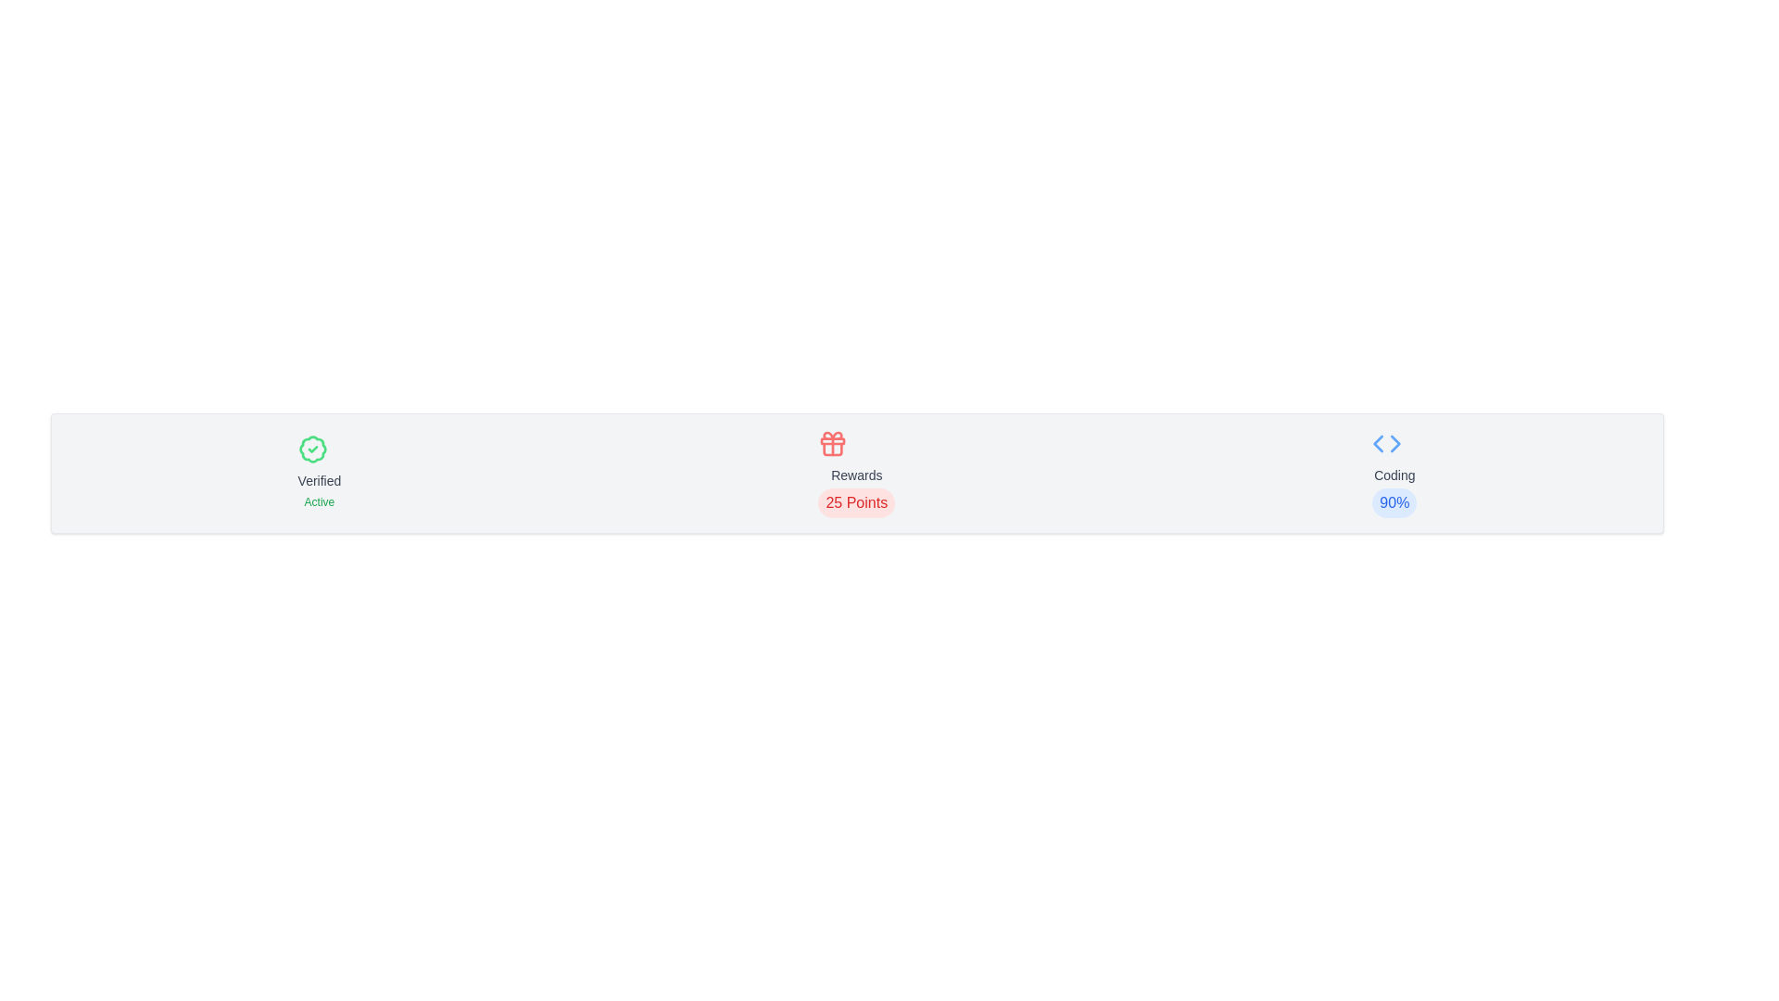  Describe the element at coordinates (1394, 503) in the screenshot. I see `text percentage label '90%' styled with a blue font color, located beneath the 'Coding' label in the rightmost panel segment of the interface` at that location.